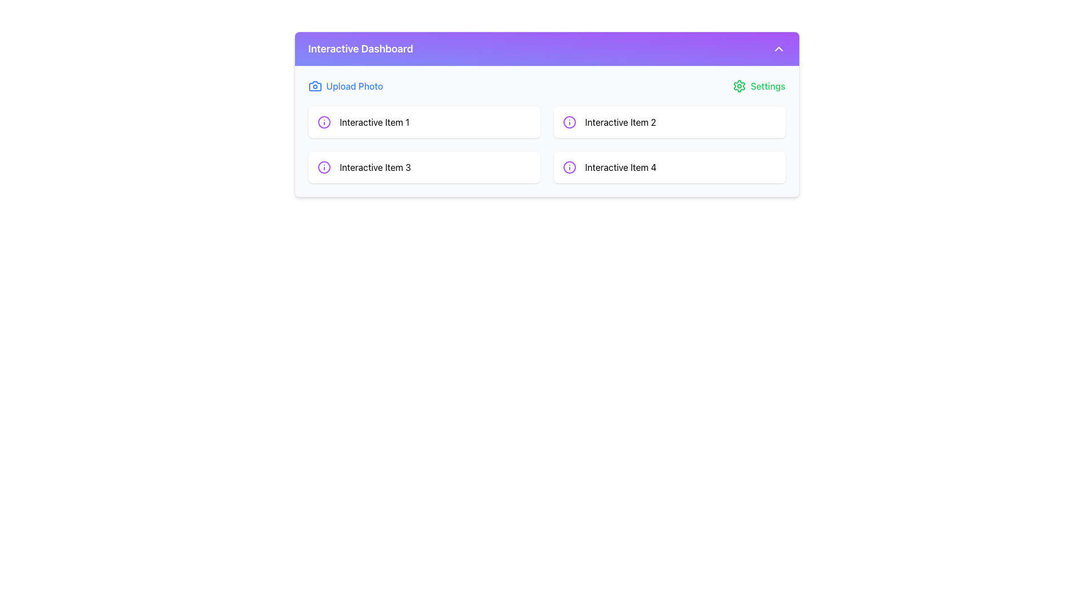 This screenshot has width=1083, height=609. I want to click on the 'Settings' button, which is a green text label located in the top-right corner of the 'Upload Photo Settings' section, positioned next to a gear-shaped icon, so click(759, 86).